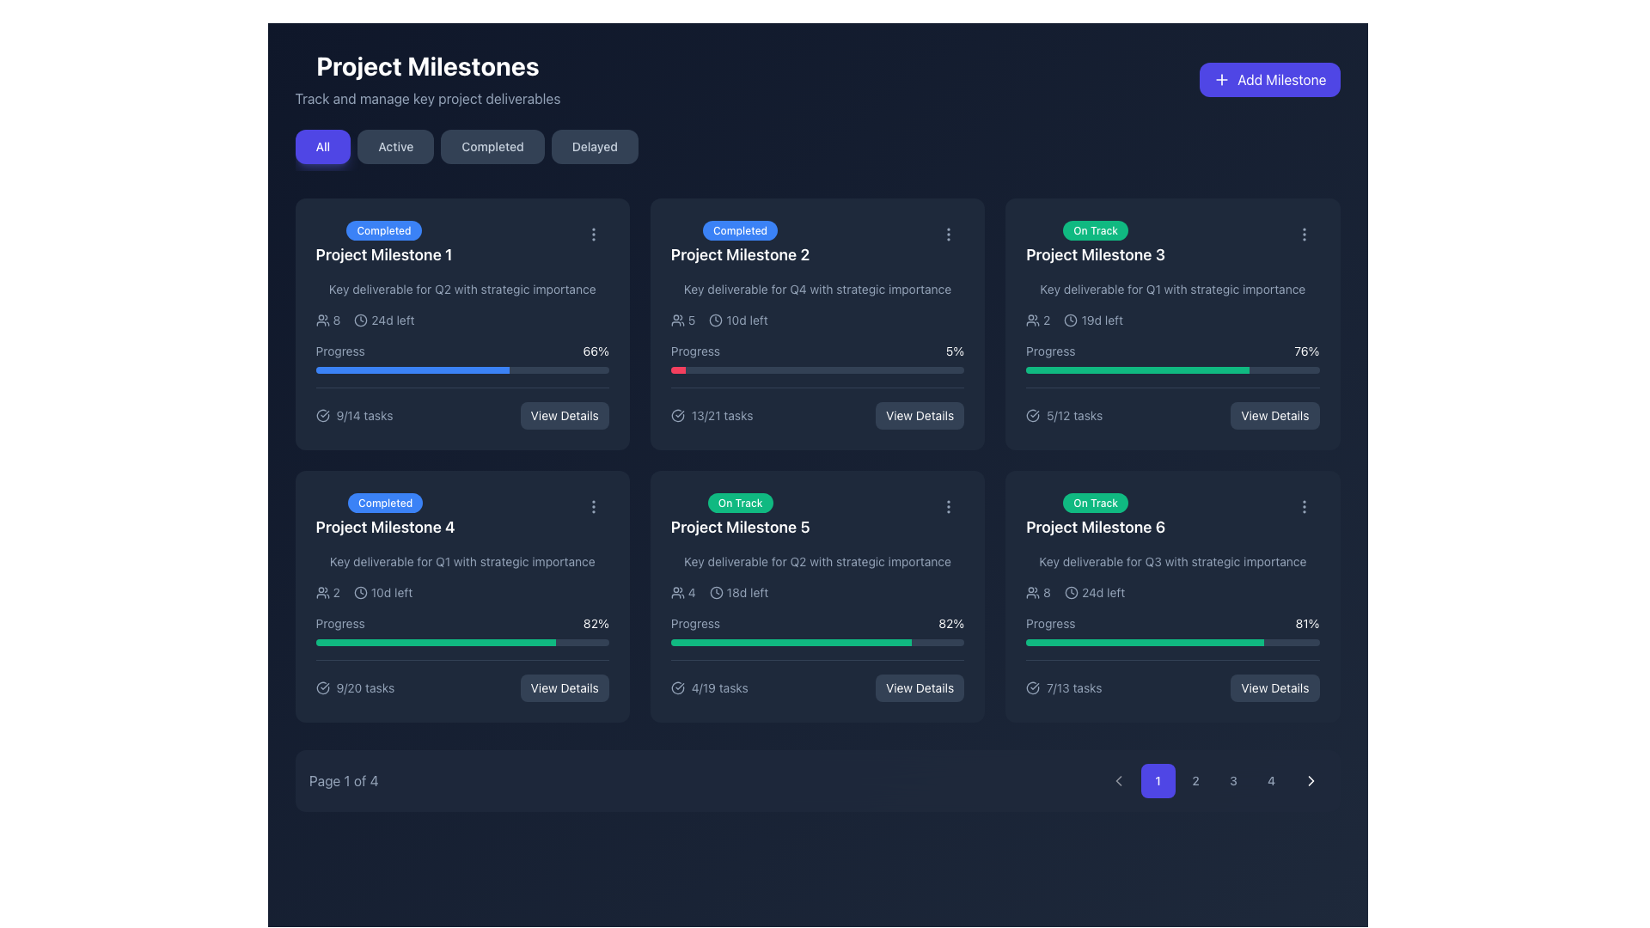 This screenshot has height=928, width=1650. What do you see at coordinates (1171, 630) in the screenshot?
I see `the visually represented completion progress of the Progress bar indicating 81% completion, located within the 'Project Milestone 6' card` at bounding box center [1171, 630].